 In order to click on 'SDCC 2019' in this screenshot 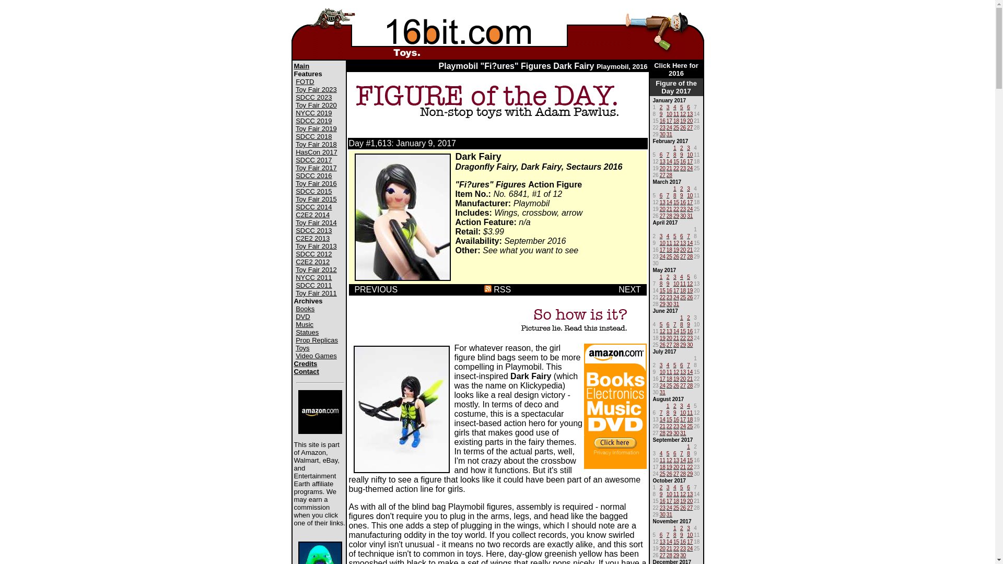, I will do `click(313, 120)`.